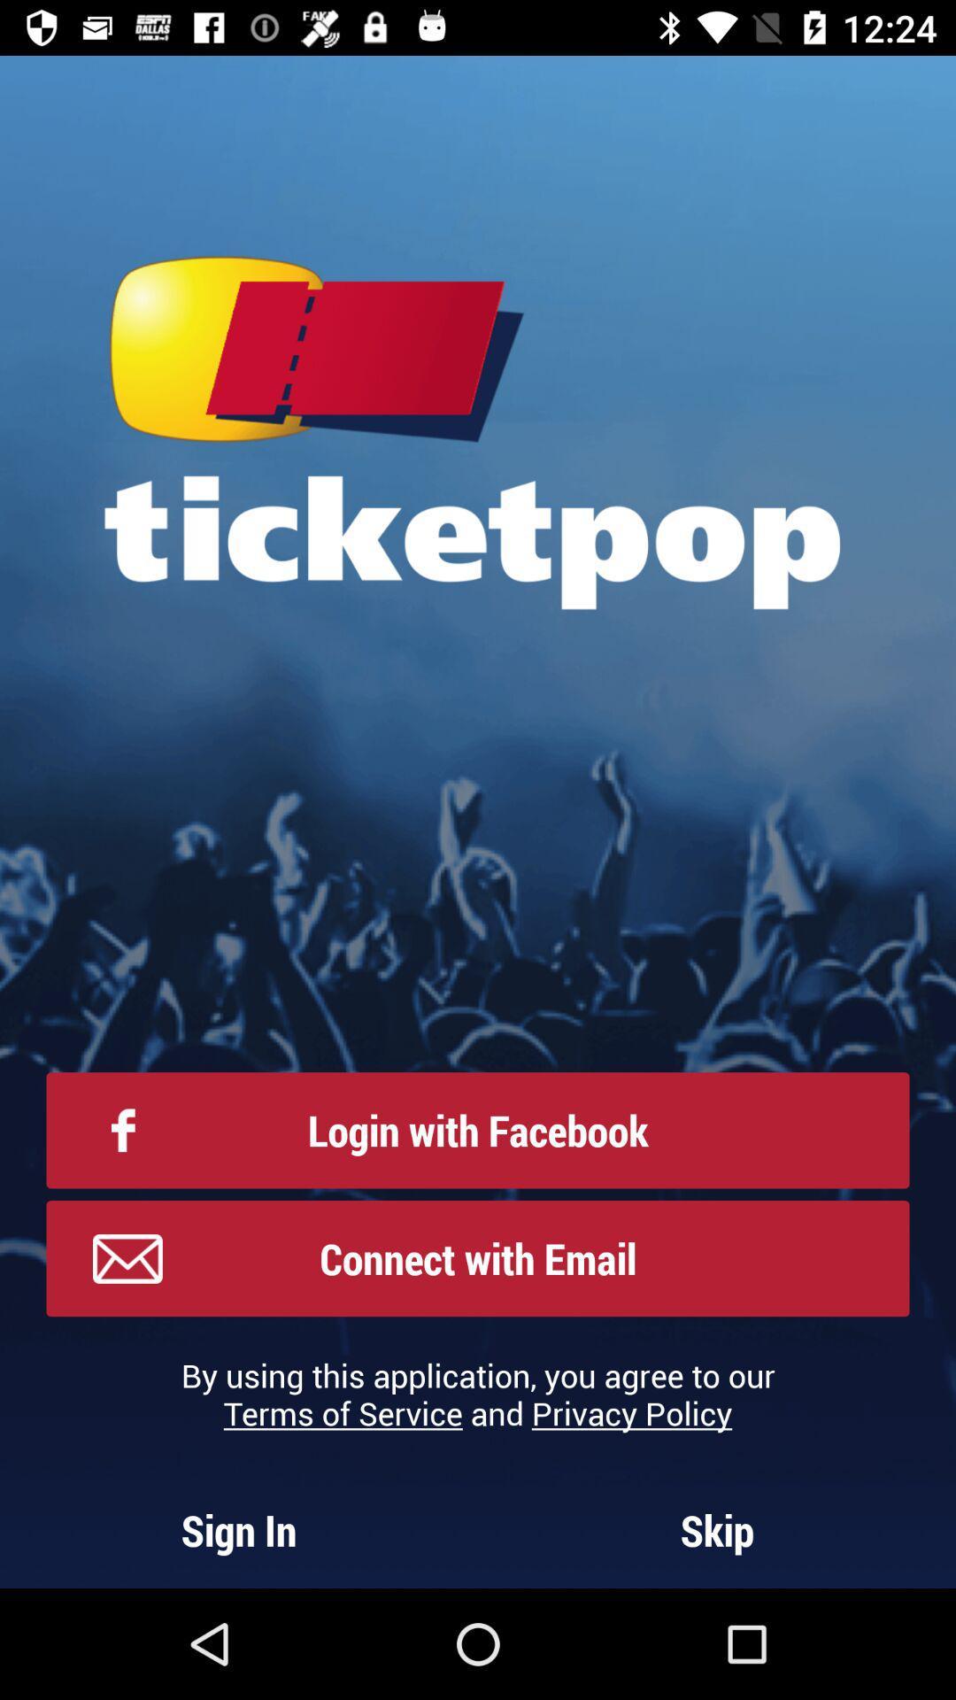  What do you see at coordinates (239, 1529) in the screenshot?
I see `the icon to the left of skip item` at bounding box center [239, 1529].